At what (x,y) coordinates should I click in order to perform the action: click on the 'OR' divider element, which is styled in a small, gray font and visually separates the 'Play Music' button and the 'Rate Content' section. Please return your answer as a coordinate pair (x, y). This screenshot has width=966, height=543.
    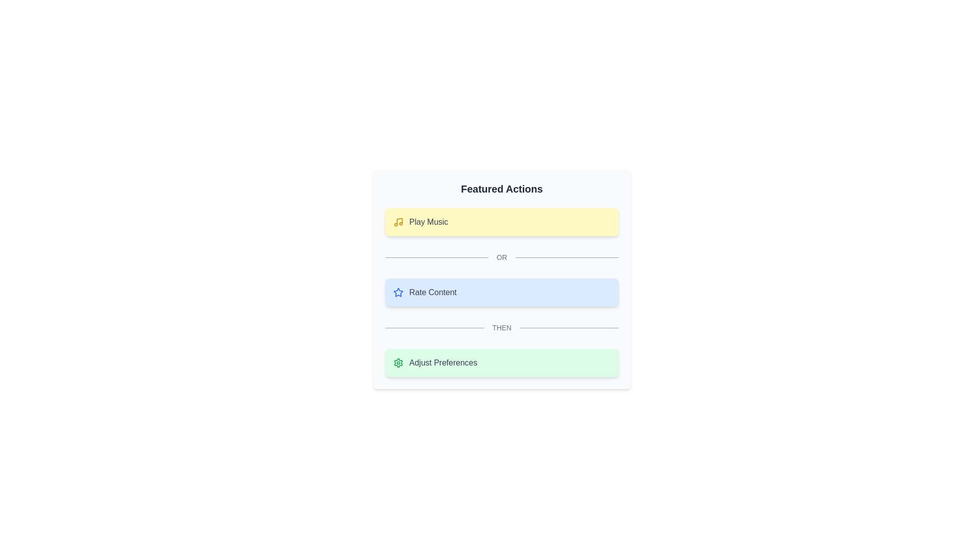
    Looking at the image, I should click on (502, 257).